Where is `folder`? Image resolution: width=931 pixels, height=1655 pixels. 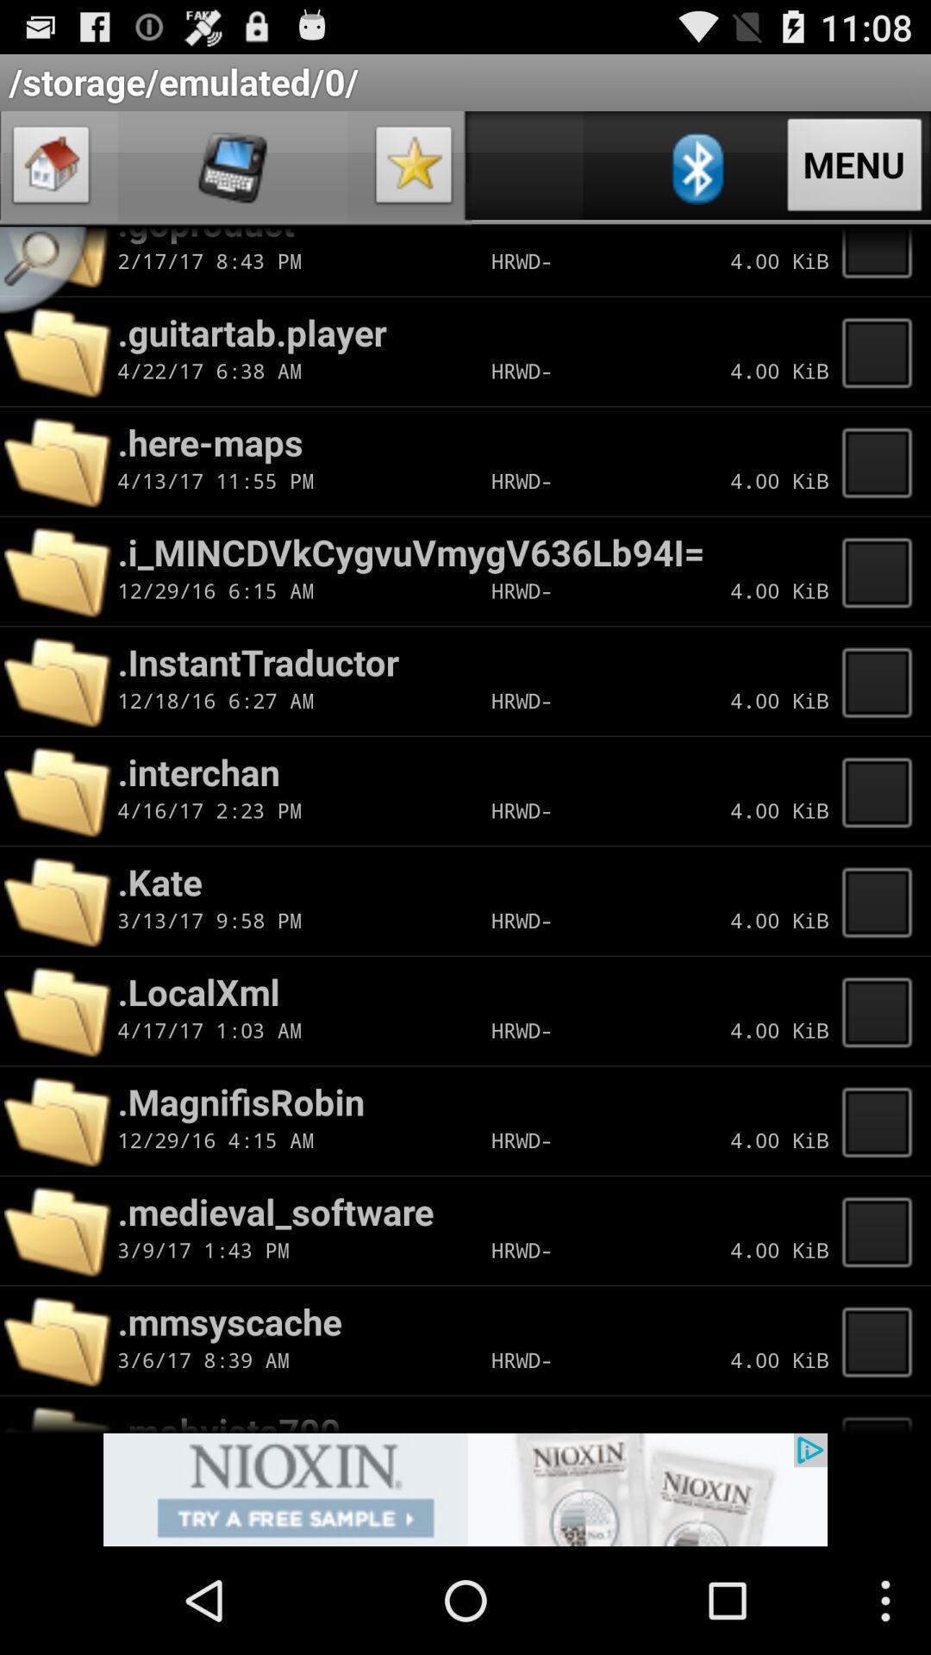
folder is located at coordinates (882, 680).